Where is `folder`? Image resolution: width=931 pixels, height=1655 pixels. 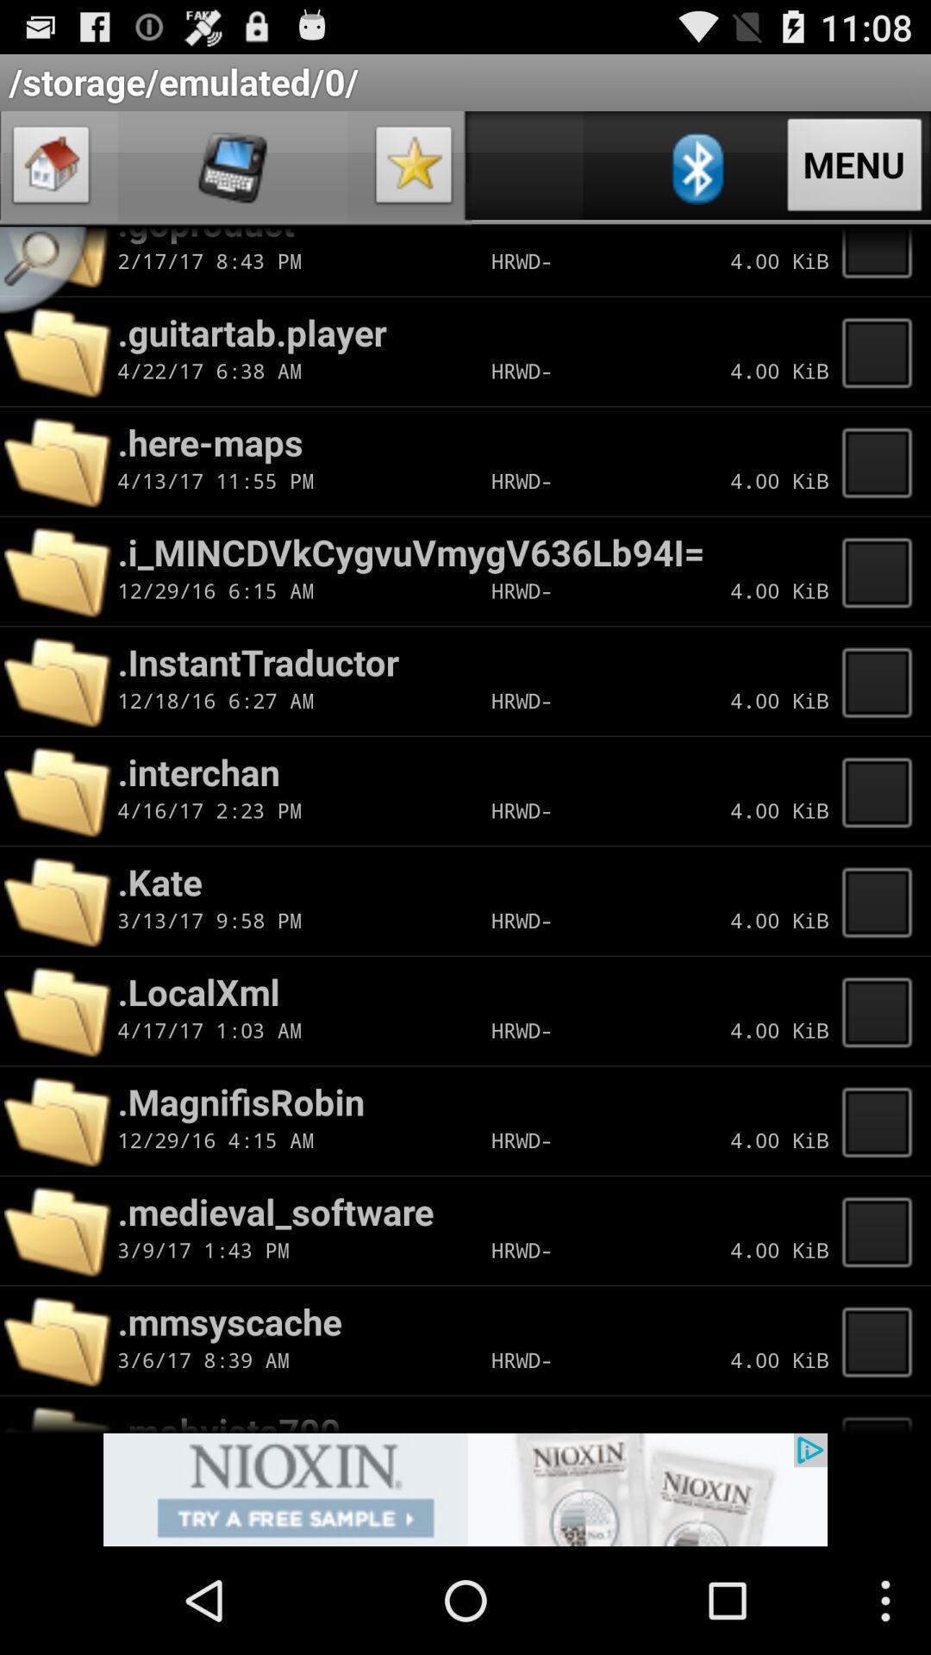
folder is located at coordinates (882, 680).